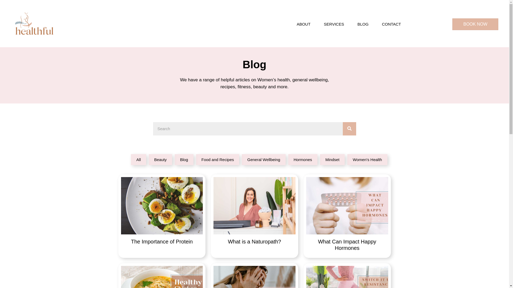  What do you see at coordinates (34, 24) in the screenshot?
I see `'healthful-wellness-logo-main'` at bounding box center [34, 24].